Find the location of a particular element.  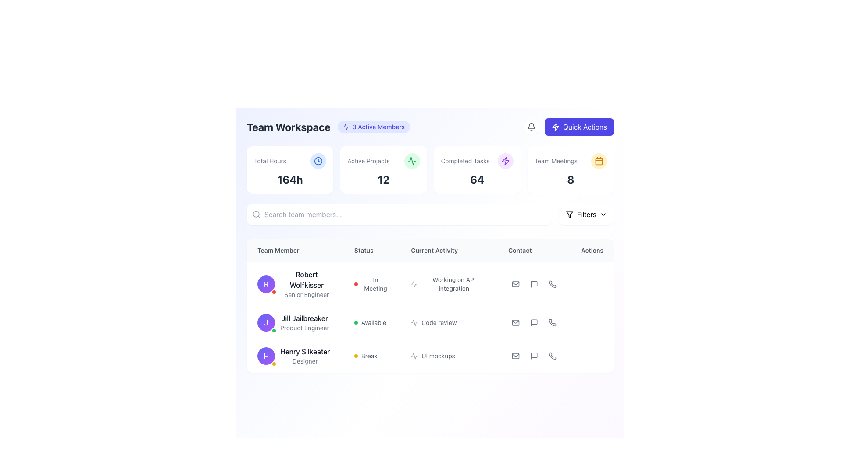

the text label 'Team Member', which is the first column header in a table and styled in dark gray on a light gray background is located at coordinates (295, 251).